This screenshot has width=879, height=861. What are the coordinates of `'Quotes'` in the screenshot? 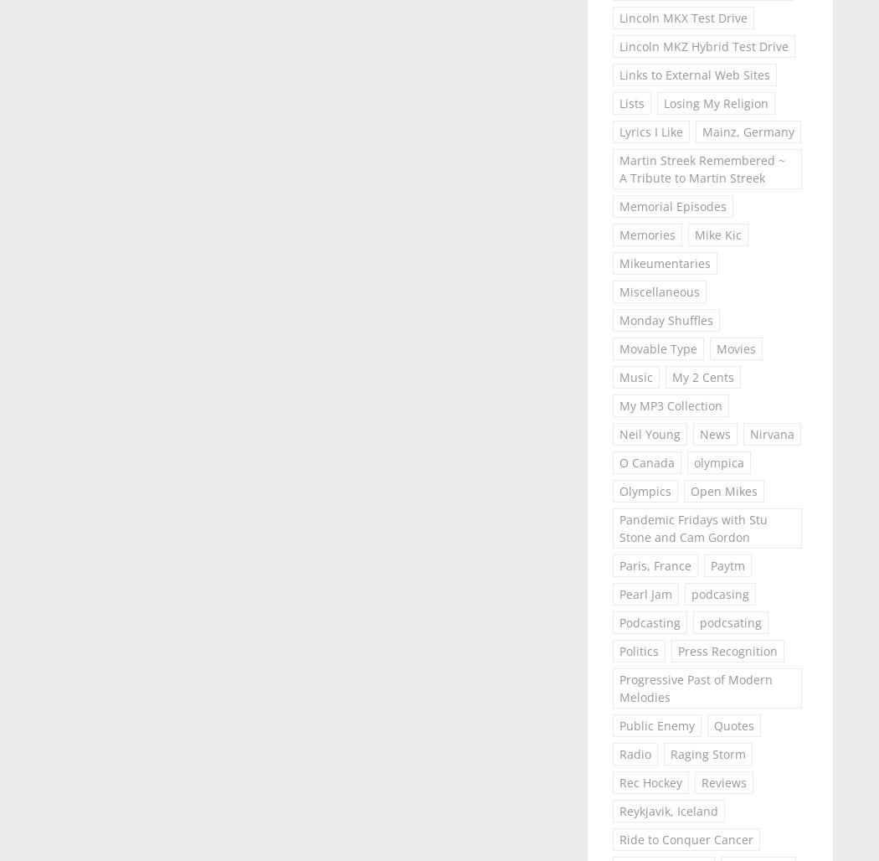 It's located at (732, 724).